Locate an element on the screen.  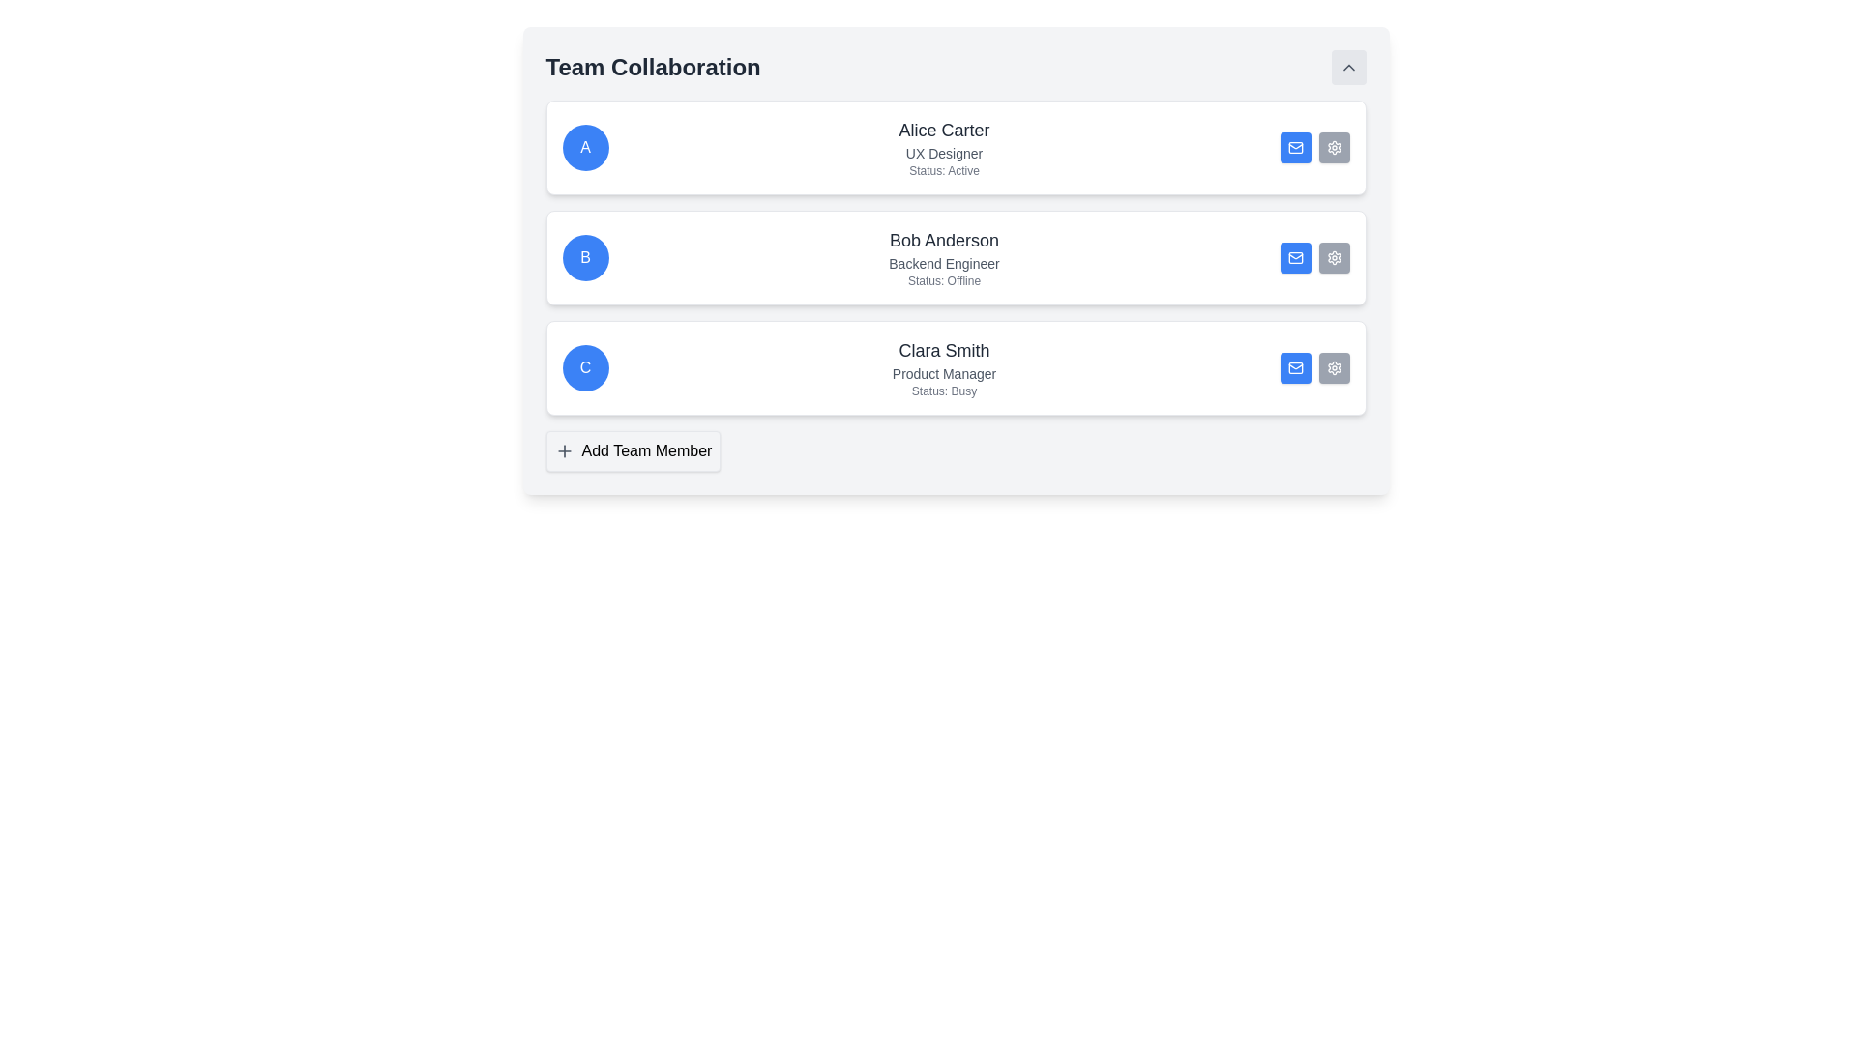
the square gray button with rounded corners and a white gear icon for settings, located in the rightmost section of Bob Anderson's card in the Team Collaboration interface is located at coordinates (1333, 256).